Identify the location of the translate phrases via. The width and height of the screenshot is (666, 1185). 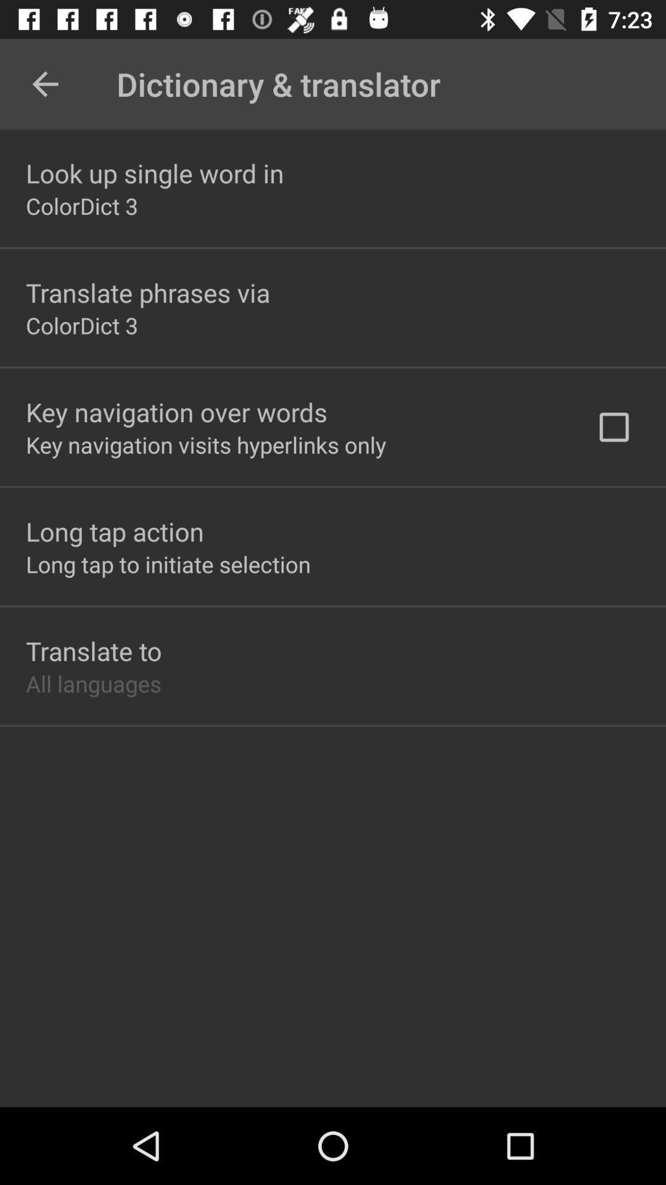
(147, 292).